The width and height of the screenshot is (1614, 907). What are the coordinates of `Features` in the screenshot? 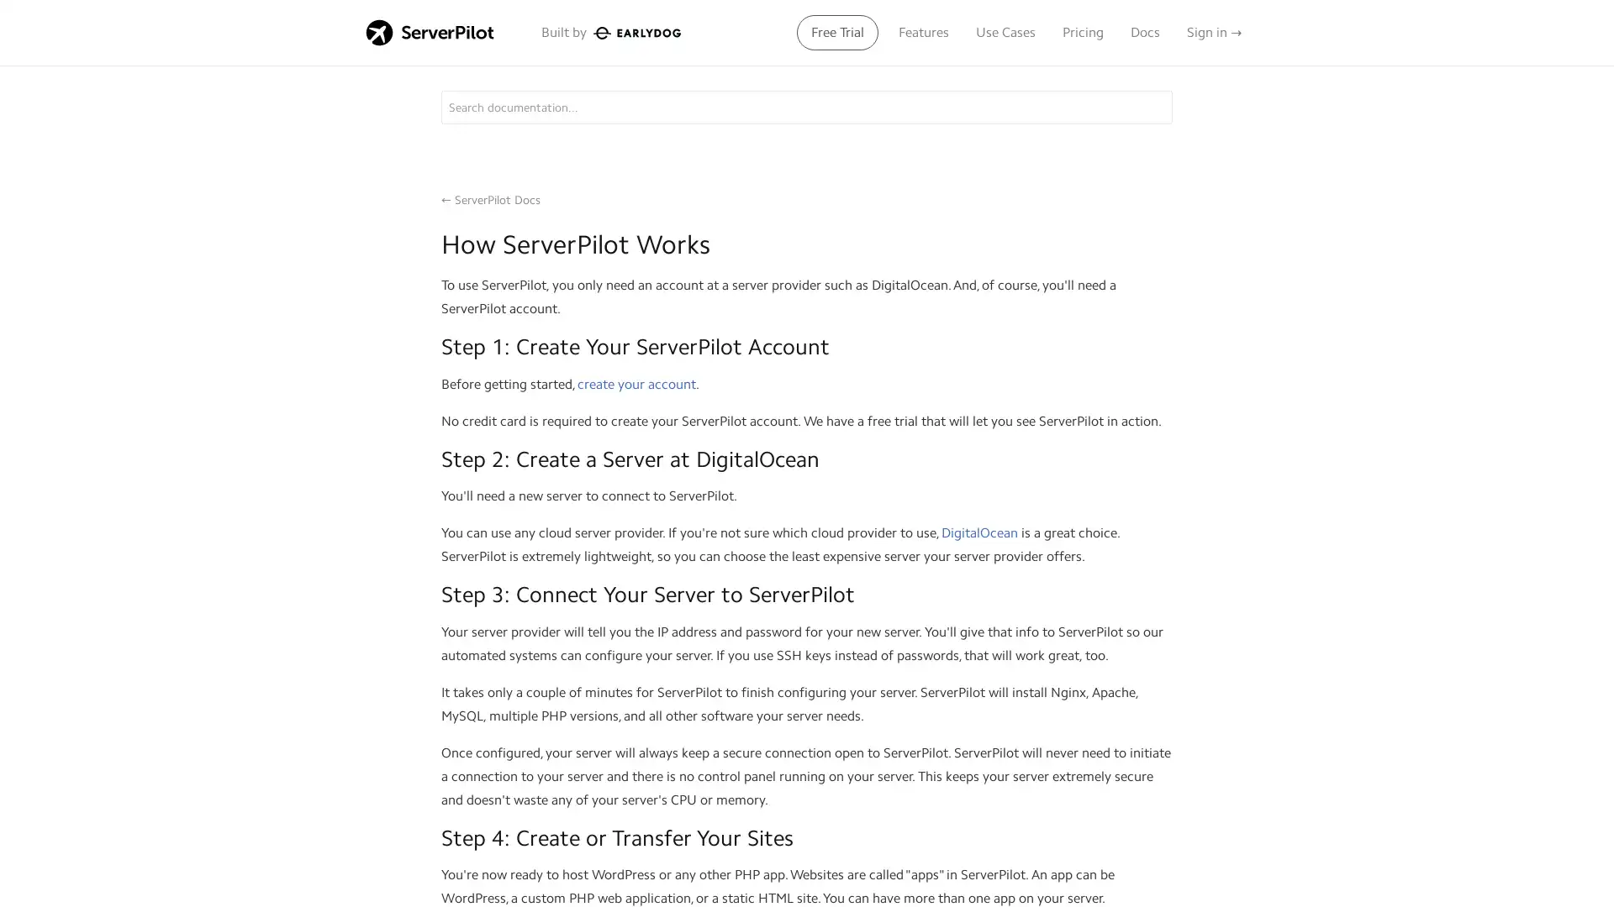 It's located at (923, 32).